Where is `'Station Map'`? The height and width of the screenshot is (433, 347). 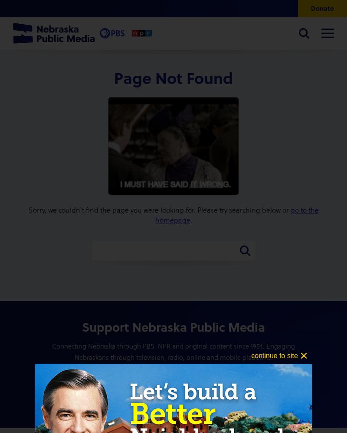 'Station Map' is located at coordinates (13, 180).